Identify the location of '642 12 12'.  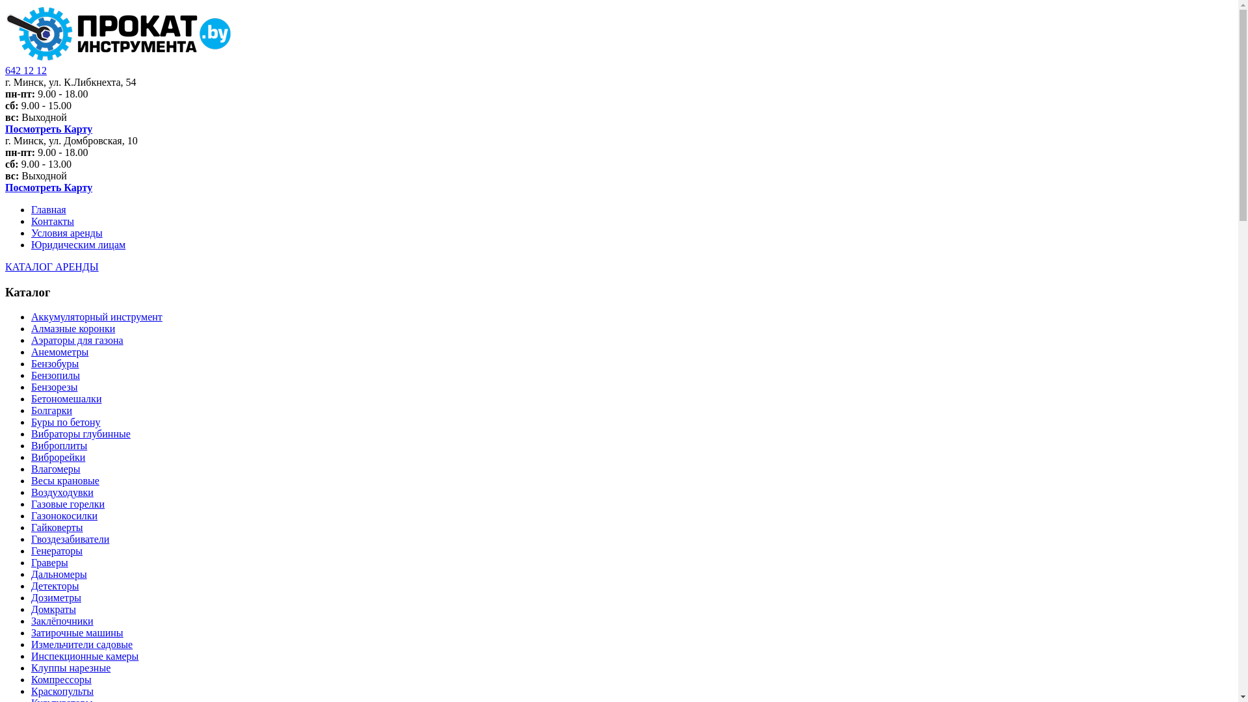
(25, 70).